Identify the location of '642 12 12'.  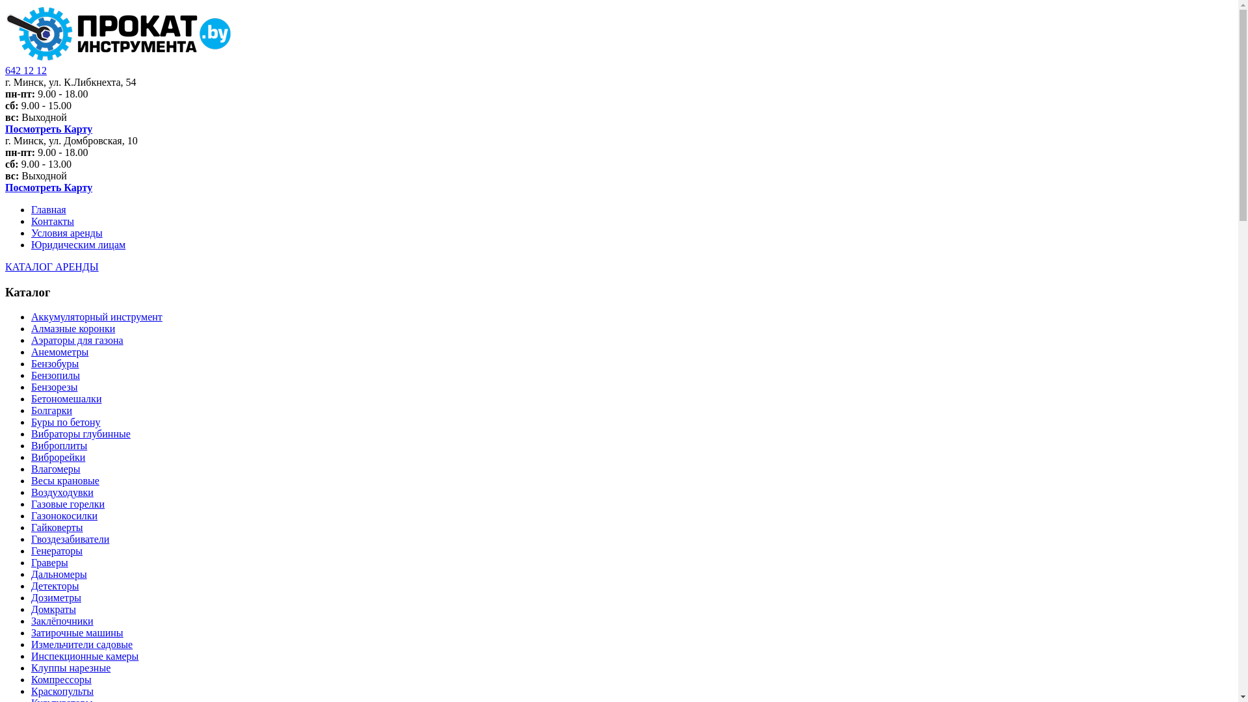
(25, 70).